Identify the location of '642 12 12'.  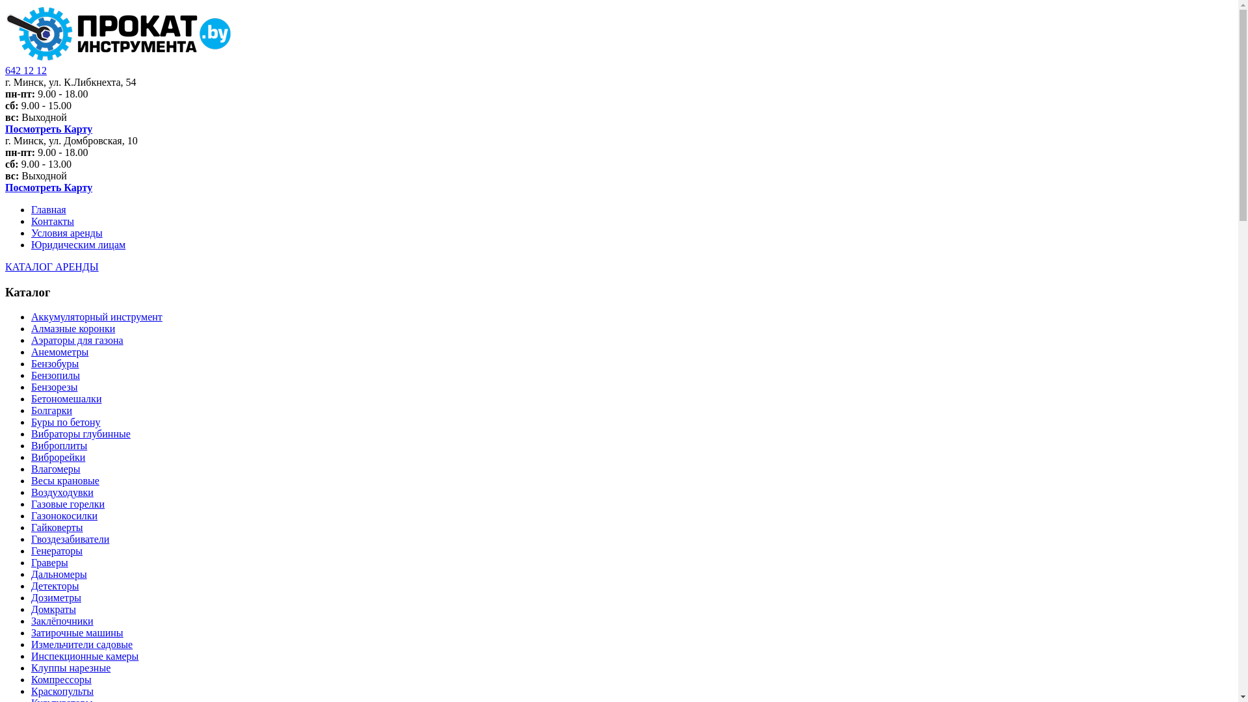
(25, 70).